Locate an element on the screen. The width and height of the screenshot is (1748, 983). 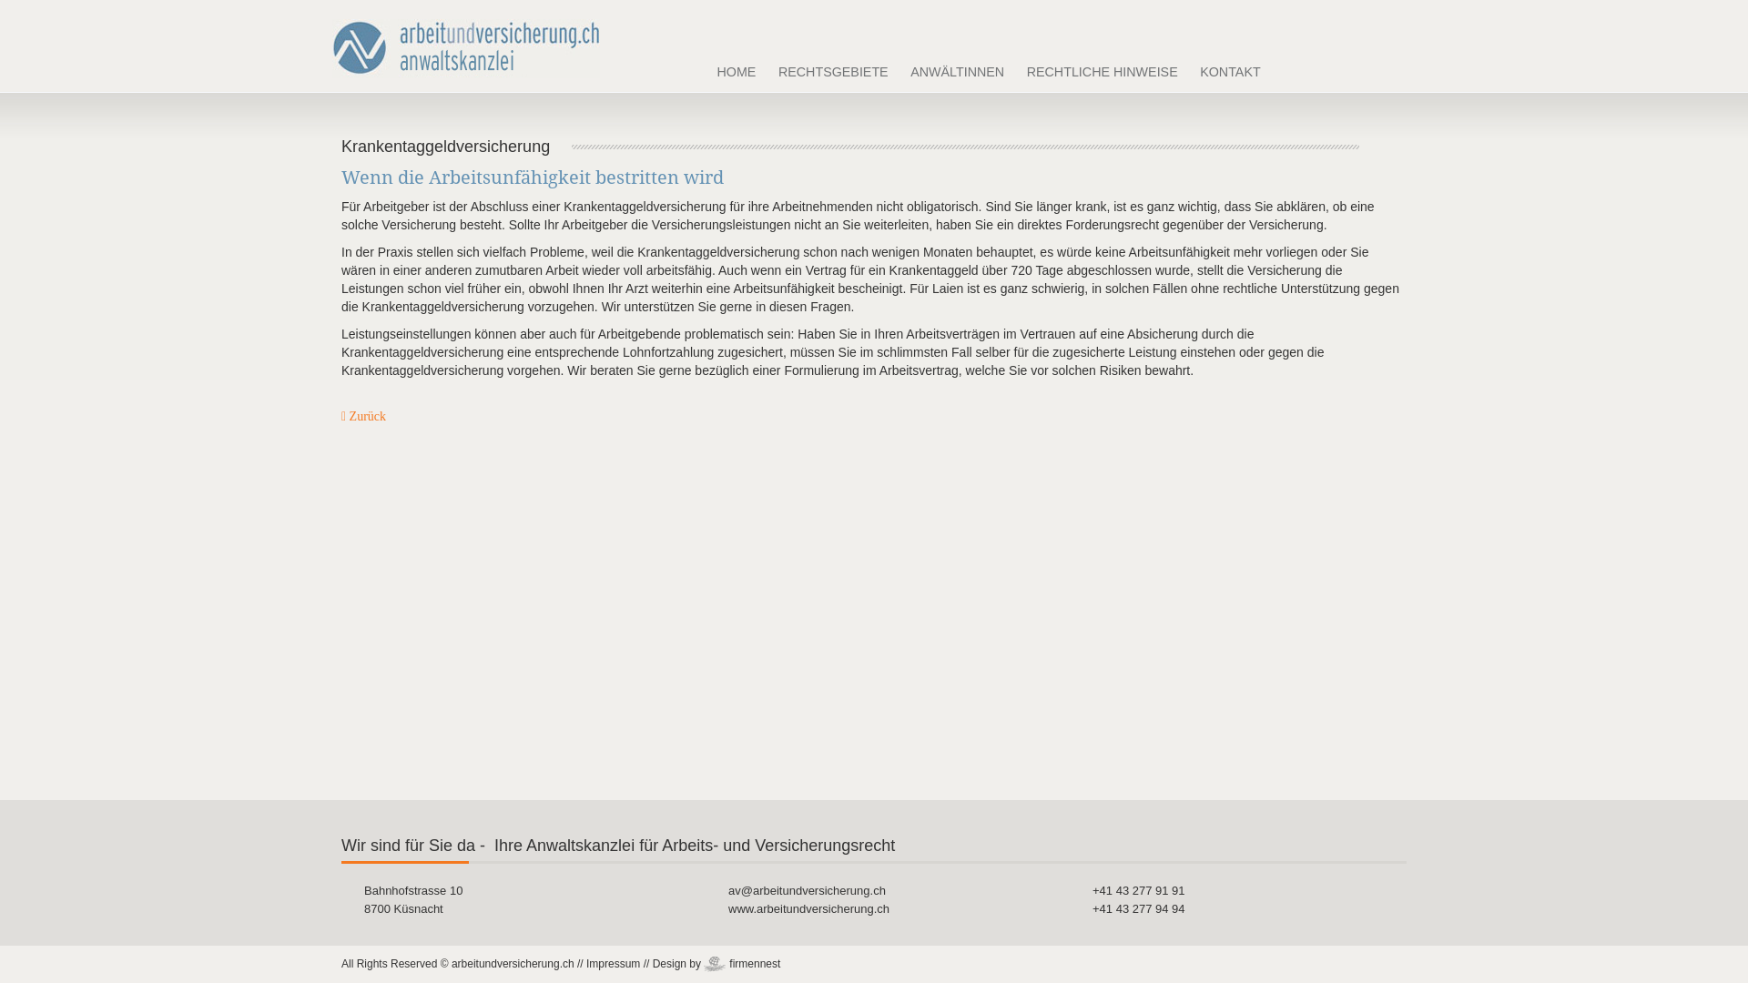
'HOME' is located at coordinates (736, 71).